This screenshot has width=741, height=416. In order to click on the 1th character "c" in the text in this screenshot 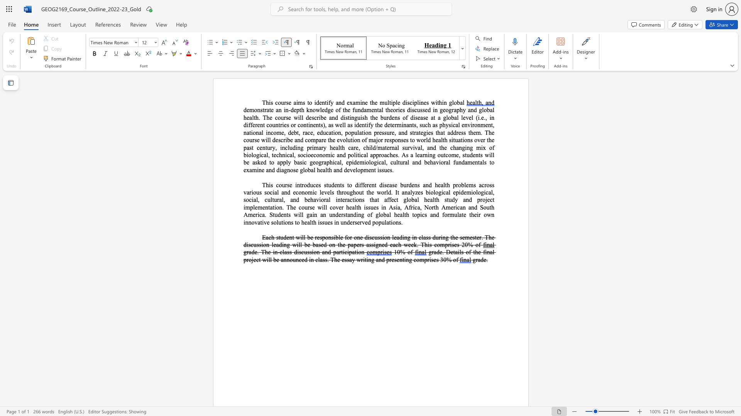, I will do `click(270, 237)`.